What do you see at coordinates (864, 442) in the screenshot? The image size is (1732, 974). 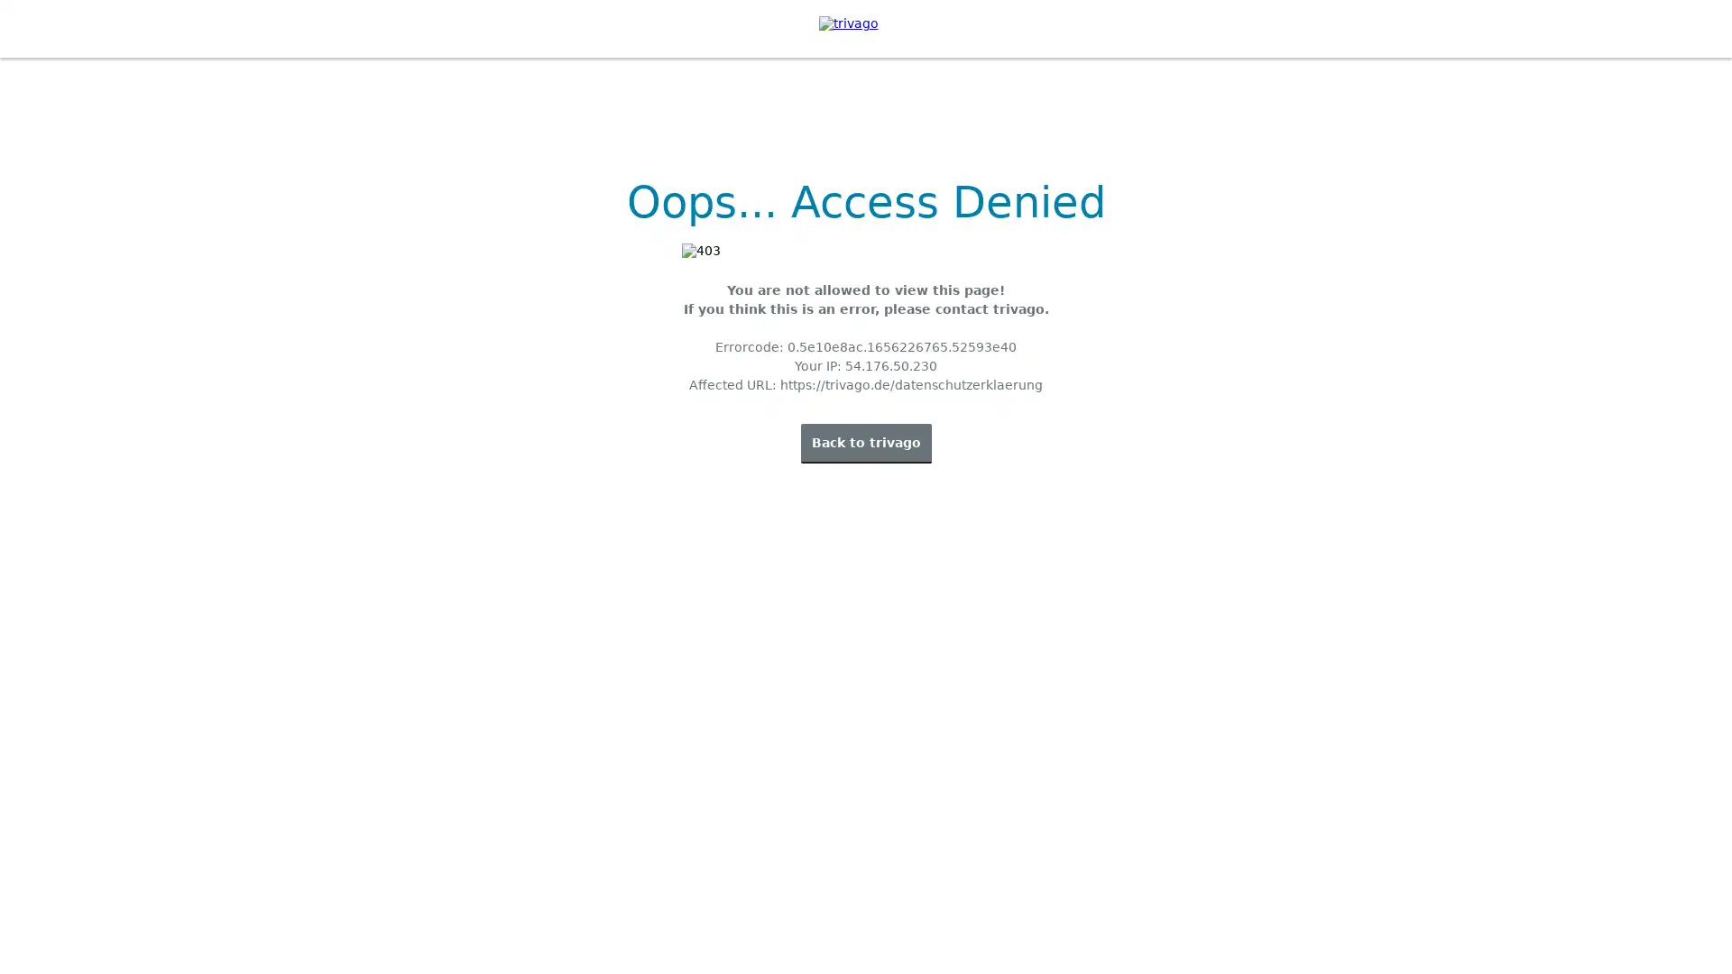 I see `Back to trivago` at bounding box center [864, 442].